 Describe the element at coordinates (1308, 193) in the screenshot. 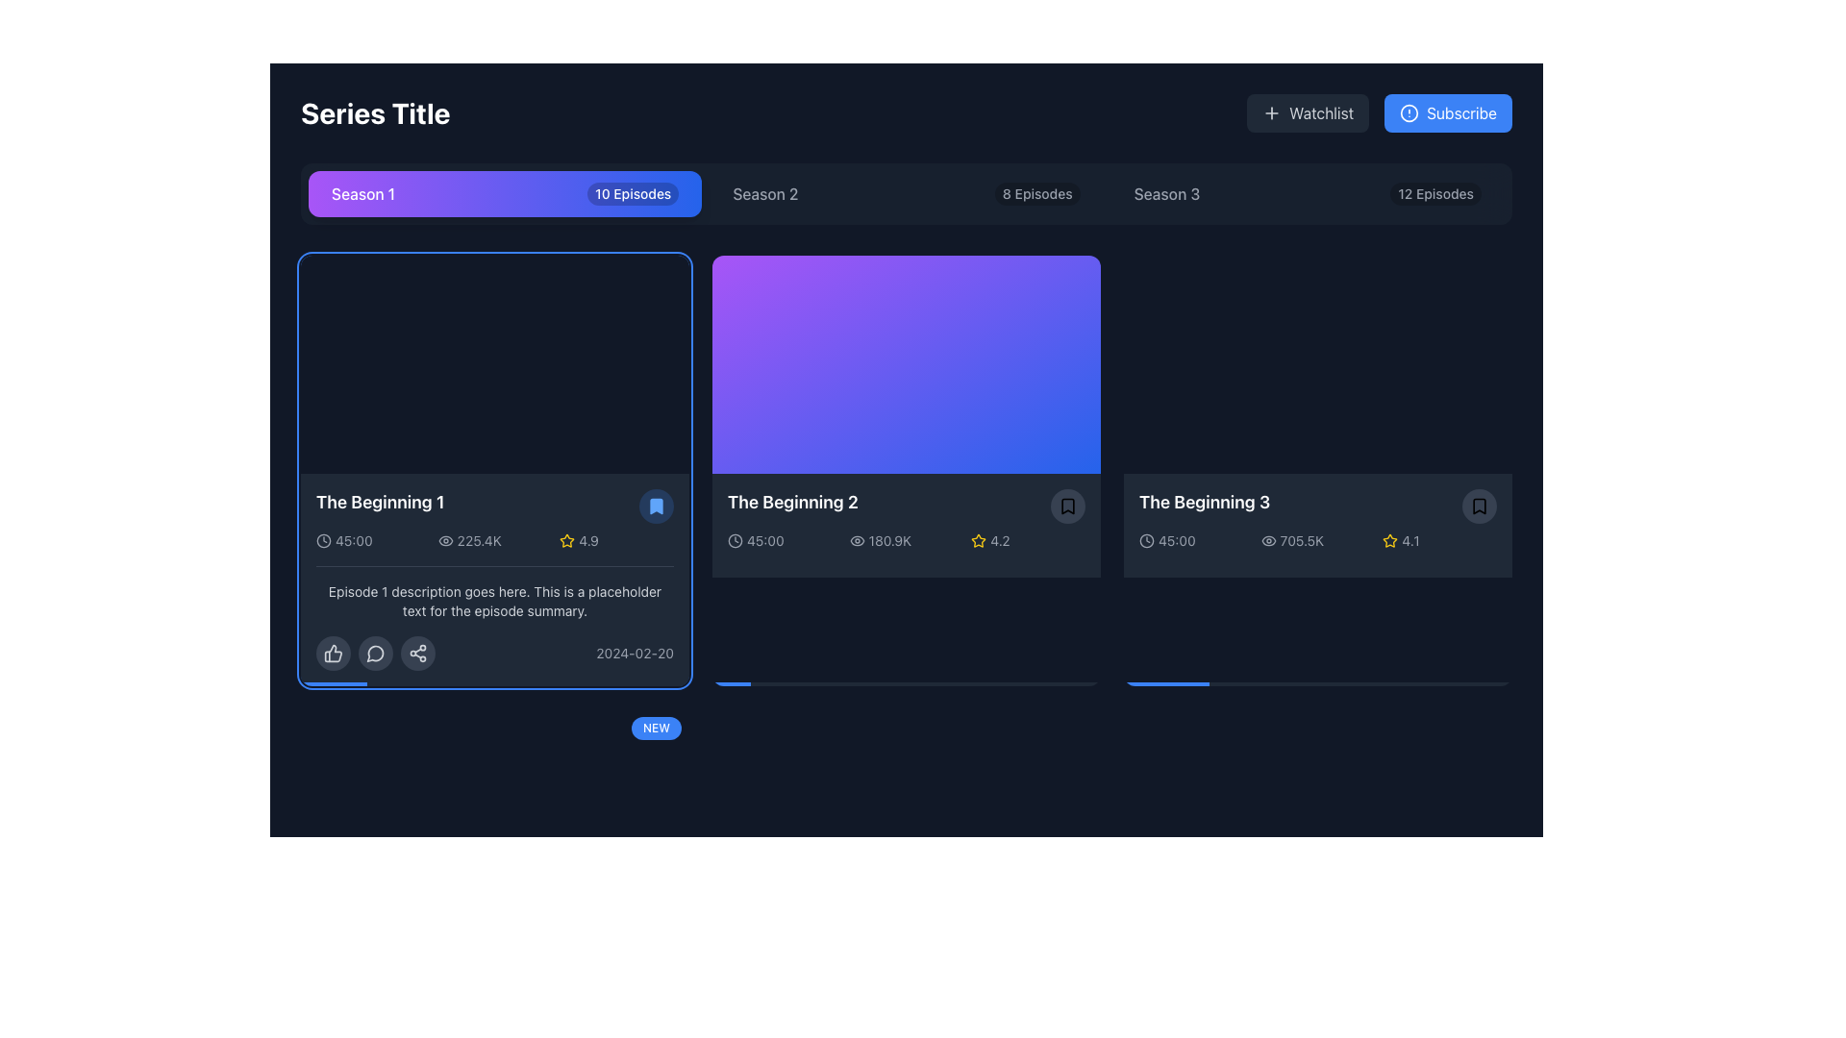

I see `the 'Season 3' button, which is the third button in a horizontally aligned group for navigating to the episodes of this season` at that location.